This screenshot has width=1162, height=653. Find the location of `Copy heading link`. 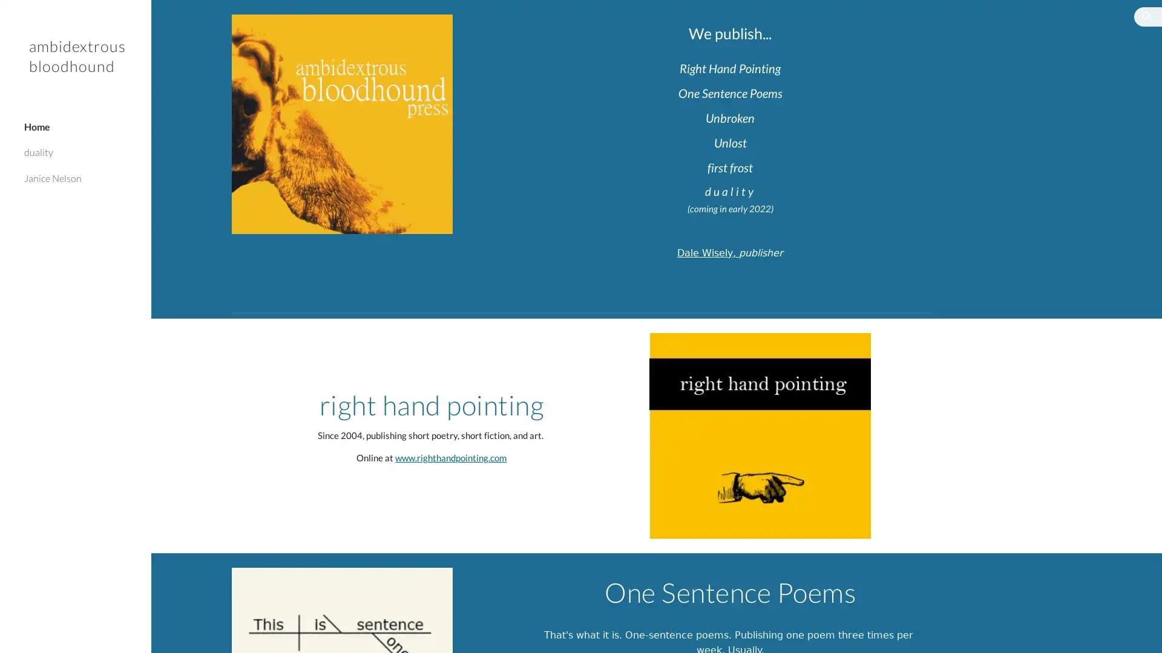

Copy heading link is located at coordinates (844, 118).